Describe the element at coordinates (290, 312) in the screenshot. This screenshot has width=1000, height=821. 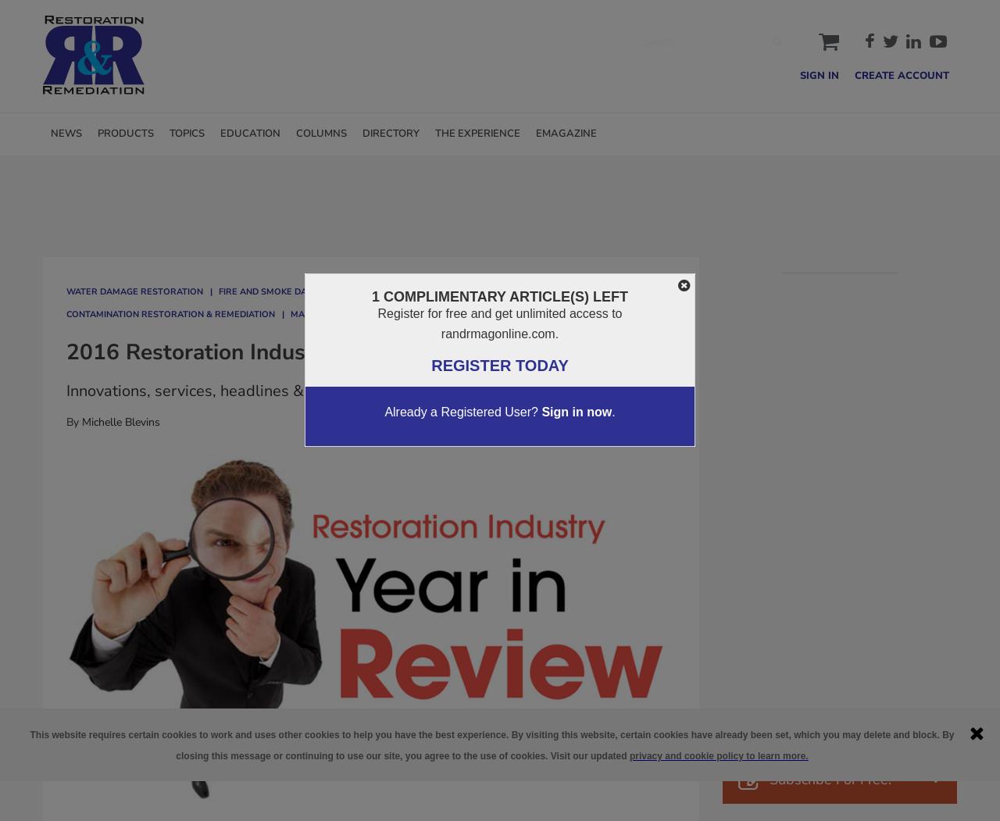
I see `'Managing Your Restoration Business'` at that location.